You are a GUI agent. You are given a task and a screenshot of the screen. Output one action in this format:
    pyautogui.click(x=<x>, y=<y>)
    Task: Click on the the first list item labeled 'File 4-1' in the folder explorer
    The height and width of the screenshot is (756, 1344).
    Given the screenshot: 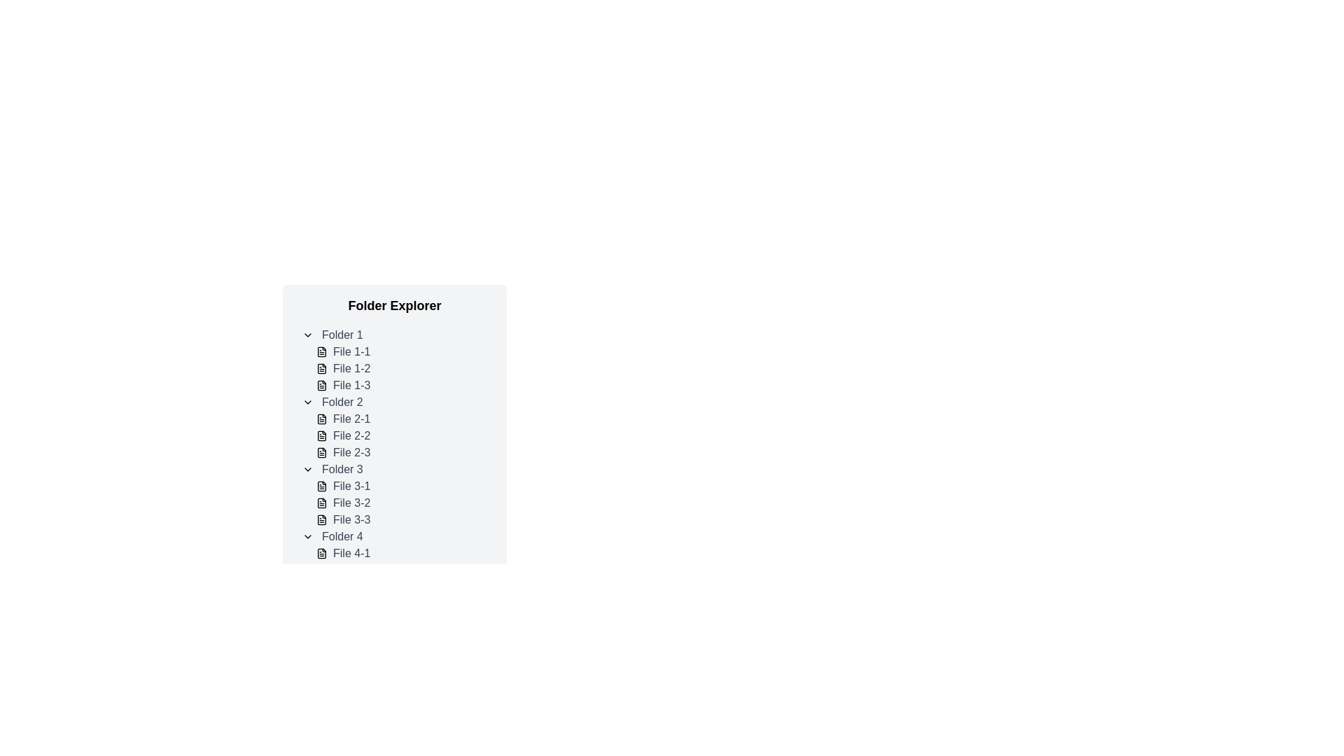 What is the action you would take?
    pyautogui.click(x=402, y=552)
    